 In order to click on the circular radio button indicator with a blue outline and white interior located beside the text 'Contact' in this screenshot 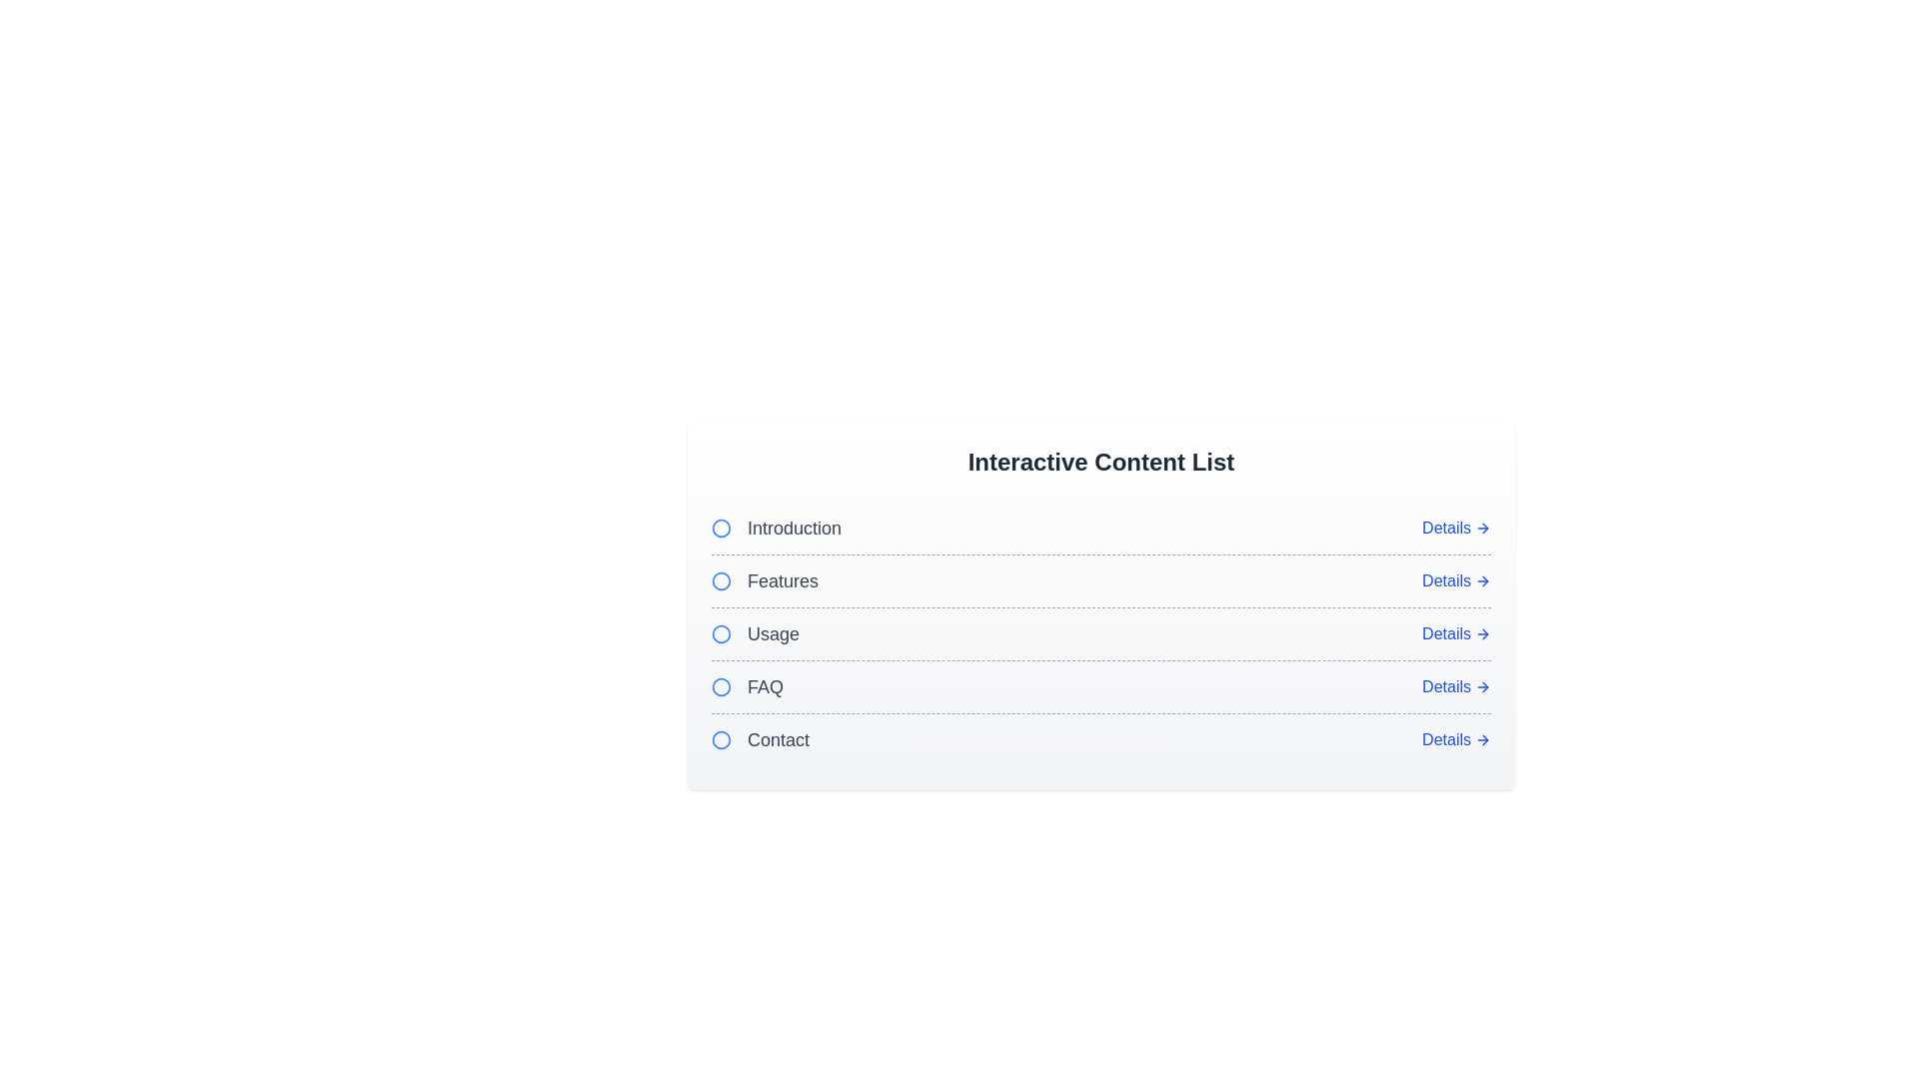, I will do `click(720, 739)`.